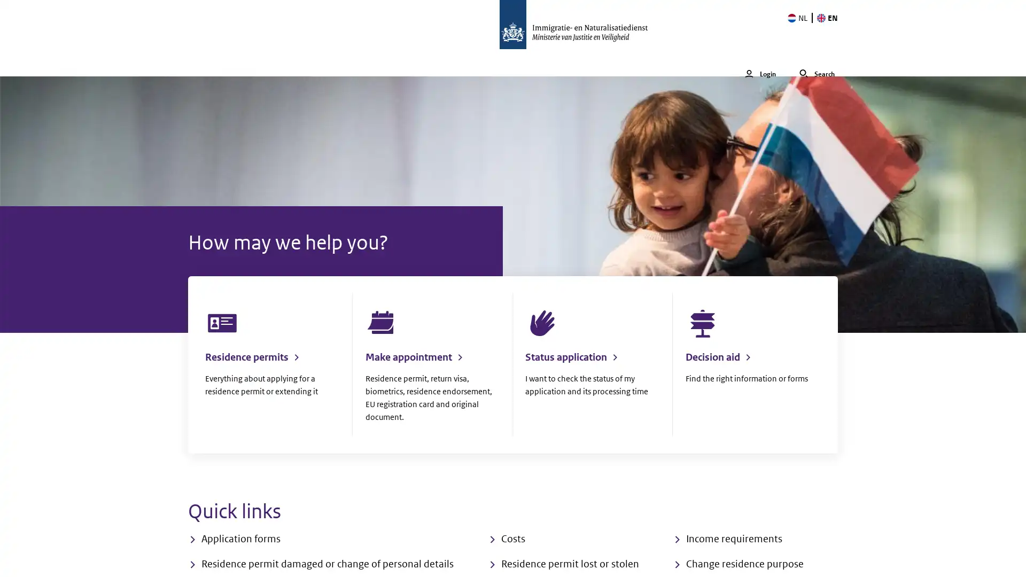 This screenshot has width=1026, height=577. Describe the element at coordinates (759, 63) in the screenshot. I see `1 Login` at that location.